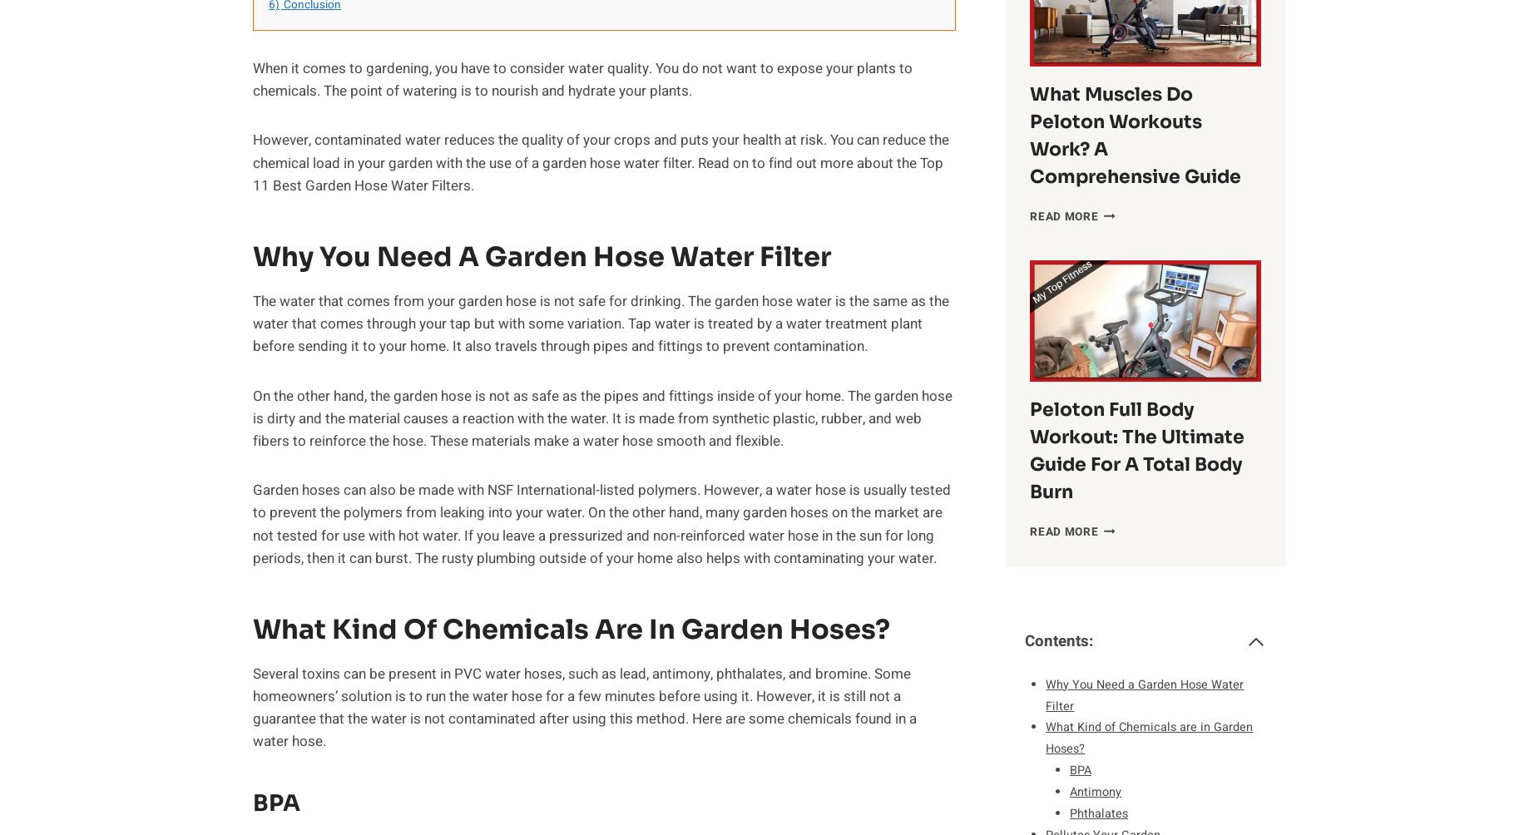 The height and width of the screenshot is (835, 1539). Describe the element at coordinates (601, 161) in the screenshot. I see `'However, contaminated water reduces the quality of your crops and puts your health at risk. You can reduce the chemical load in your garden with the use of a garden hose water filter. Read on to find out more about the Top 11 Best Garden Hose Water Filters.'` at that location.